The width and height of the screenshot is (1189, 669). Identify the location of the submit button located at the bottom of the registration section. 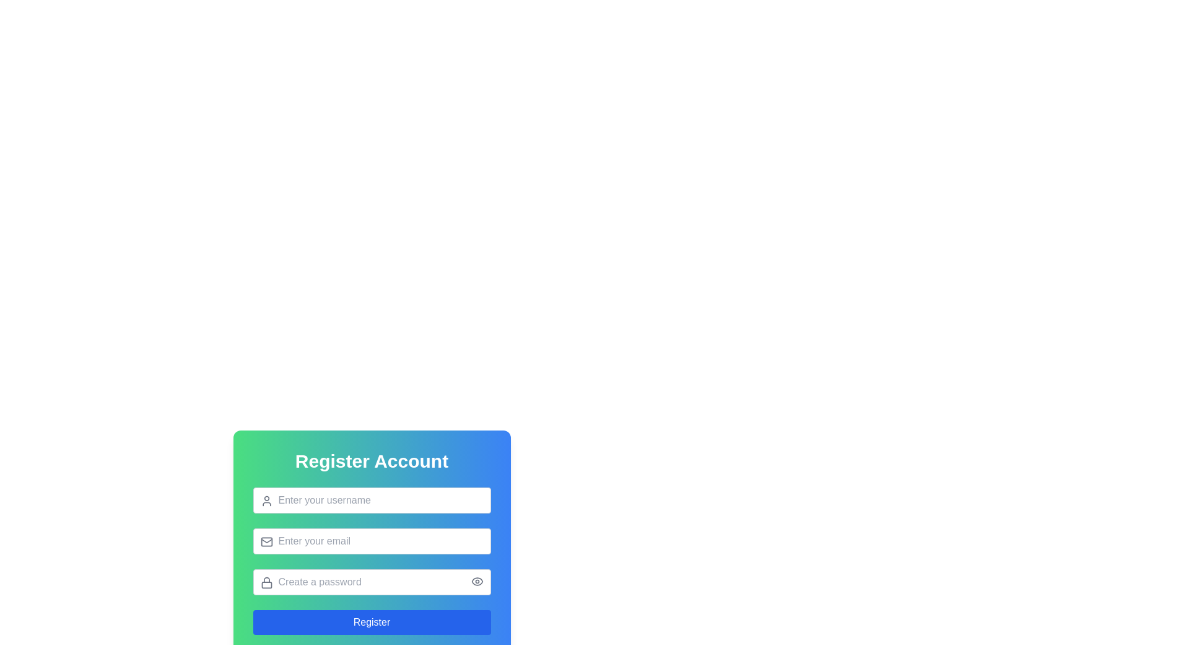
(371, 623).